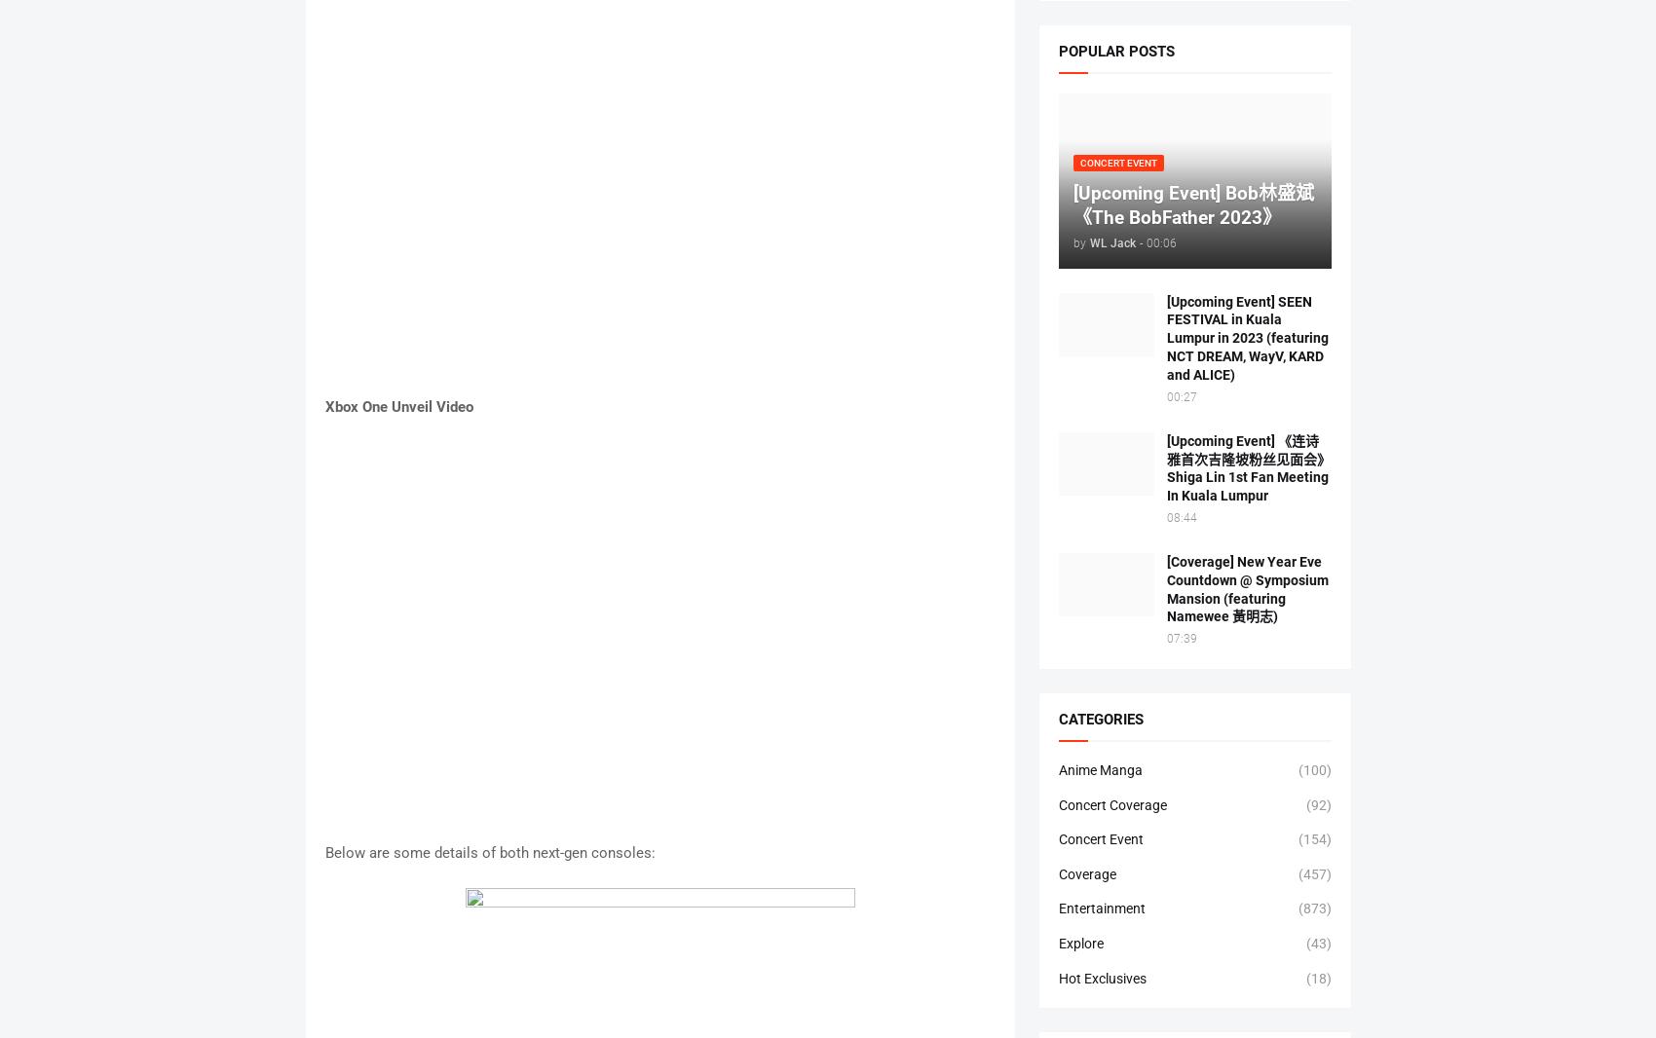 This screenshot has height=1038, width=1656. What do you see at coordinates (1101, 908) in the screenshot?
I see `'Entertainment'` at bounding box center [1101, 908].